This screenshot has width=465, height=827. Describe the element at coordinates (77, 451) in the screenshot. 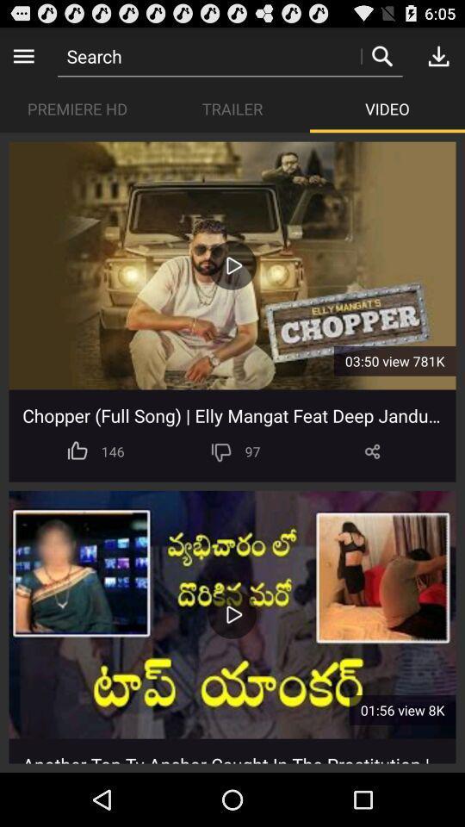

I see `like` at that location.